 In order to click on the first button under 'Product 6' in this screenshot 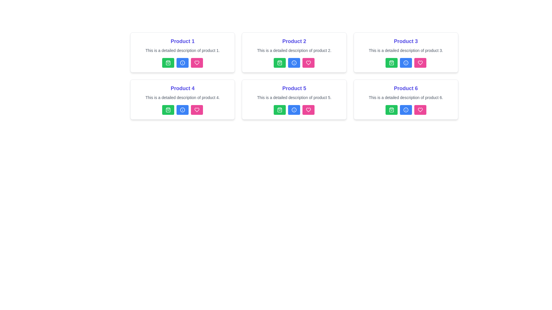, I will do `click(391, 110)`.